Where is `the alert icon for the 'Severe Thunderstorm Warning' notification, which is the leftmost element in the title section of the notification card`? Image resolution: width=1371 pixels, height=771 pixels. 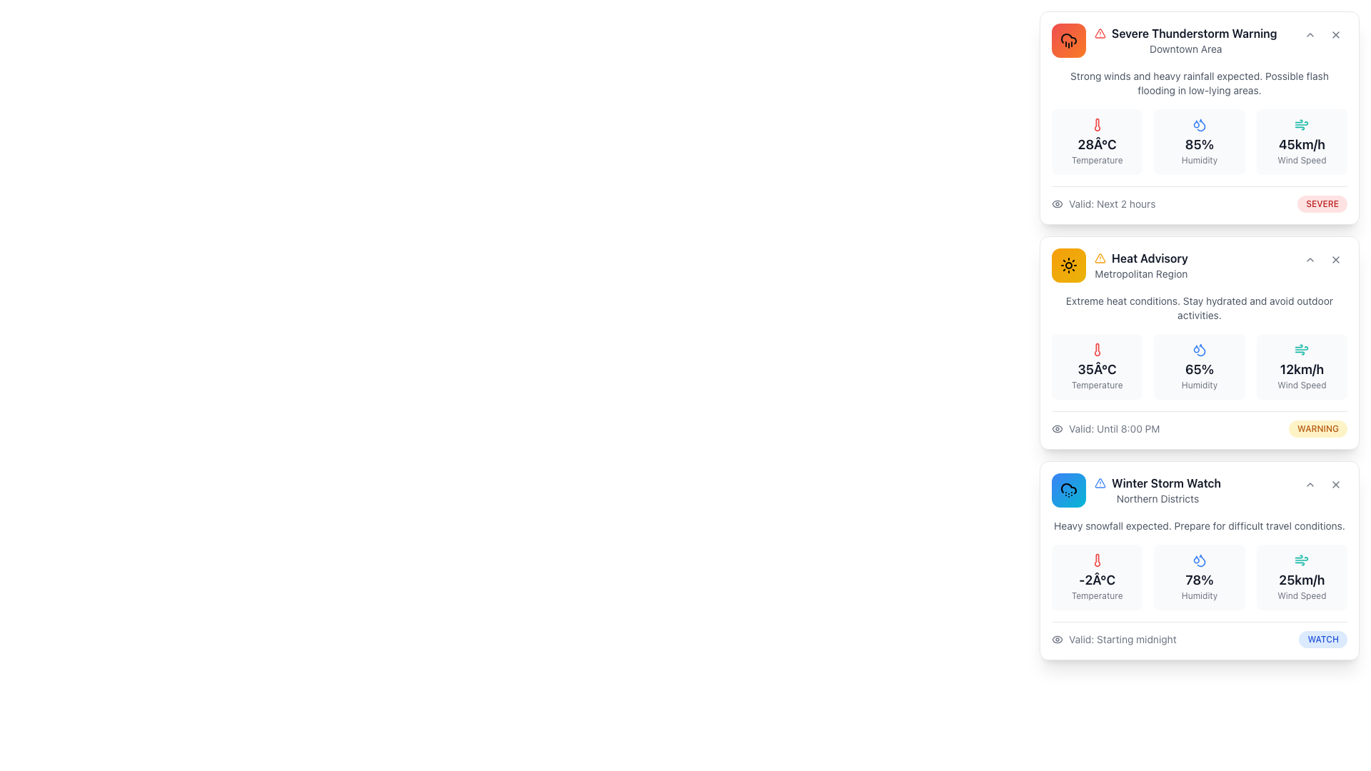 the alert icon for the 'Severe Thunderstorm Warning' notification, which is the leftmost element in the title section of the notification card is located at coordinates (1099, 32).